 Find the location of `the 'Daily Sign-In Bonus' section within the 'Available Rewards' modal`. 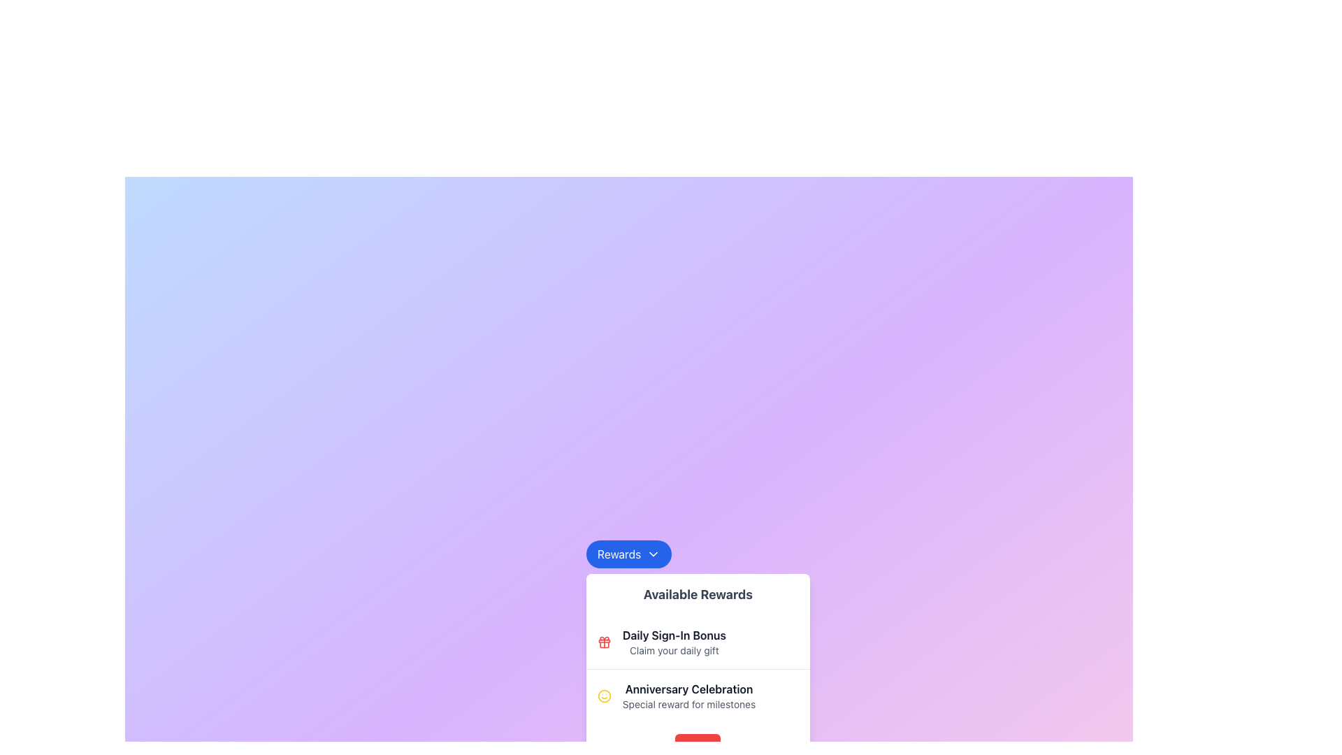

the 'Daily Sign-In Bonus' section within the 'Available Rewards' modal is located at coordinates (698, 668).